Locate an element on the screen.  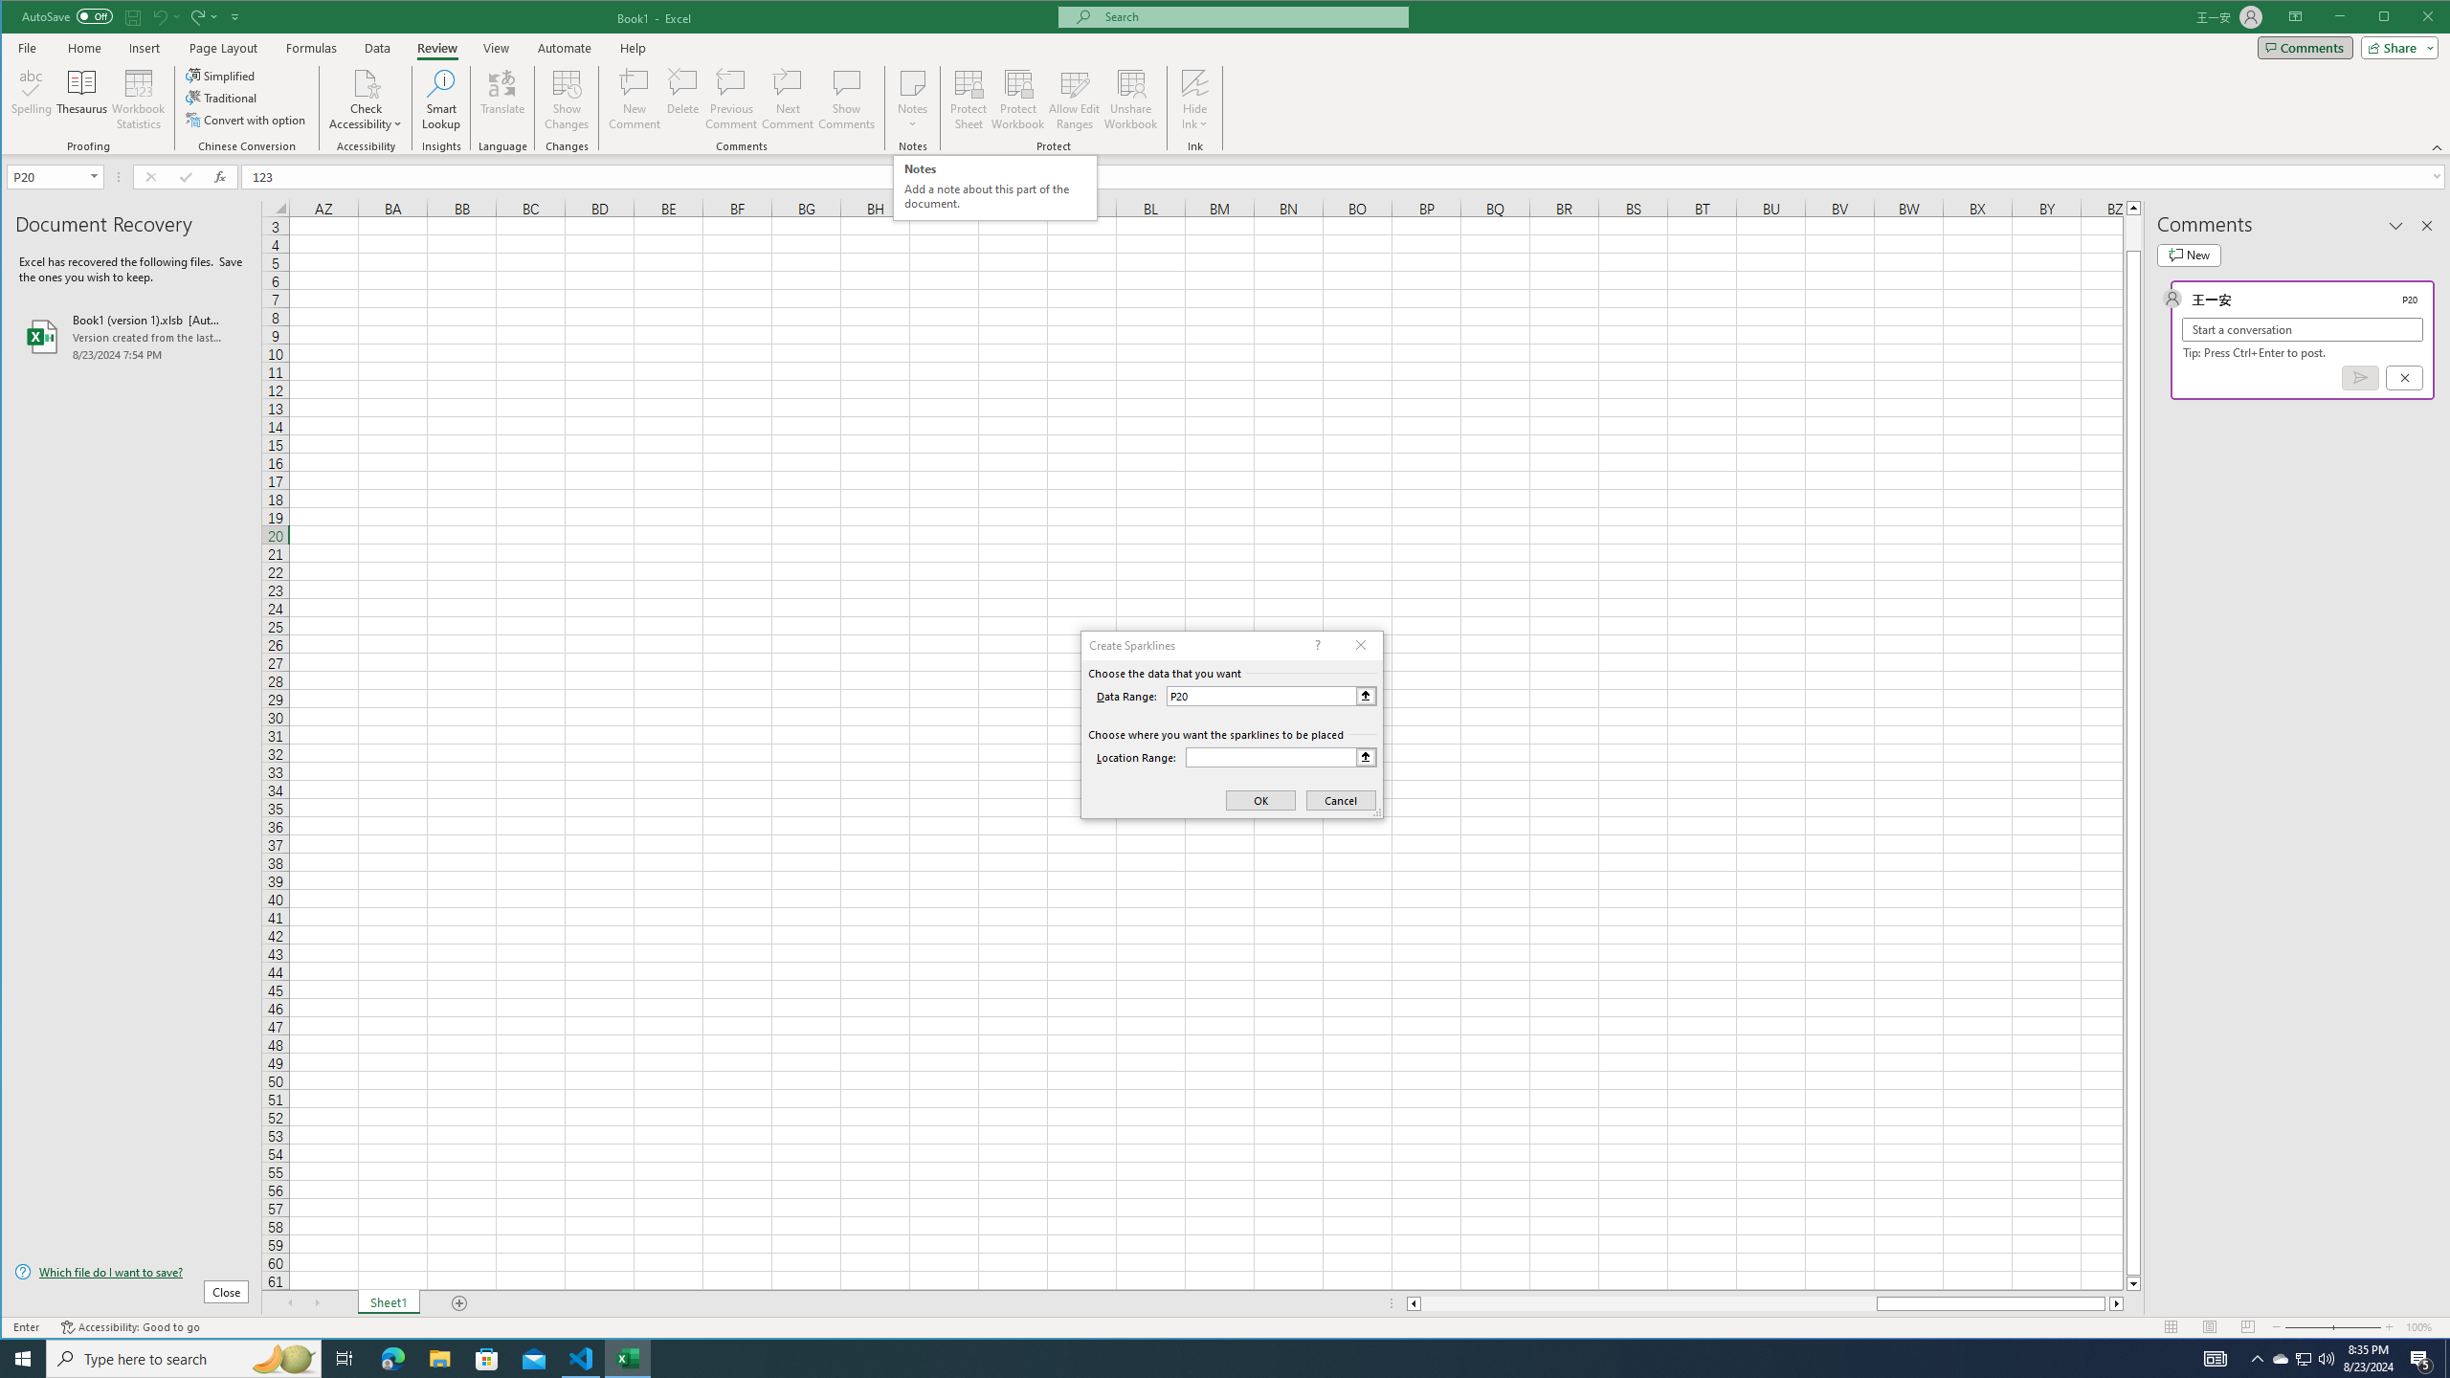
'Formulas' is located at coordinates (311, 47).